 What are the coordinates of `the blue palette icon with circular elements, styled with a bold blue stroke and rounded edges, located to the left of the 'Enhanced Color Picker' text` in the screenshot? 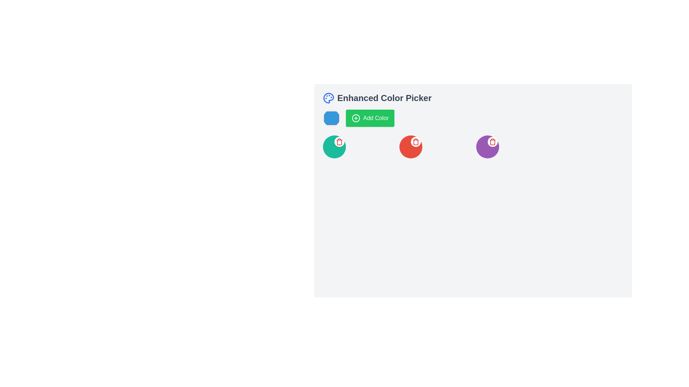 It's located at (328, 98).